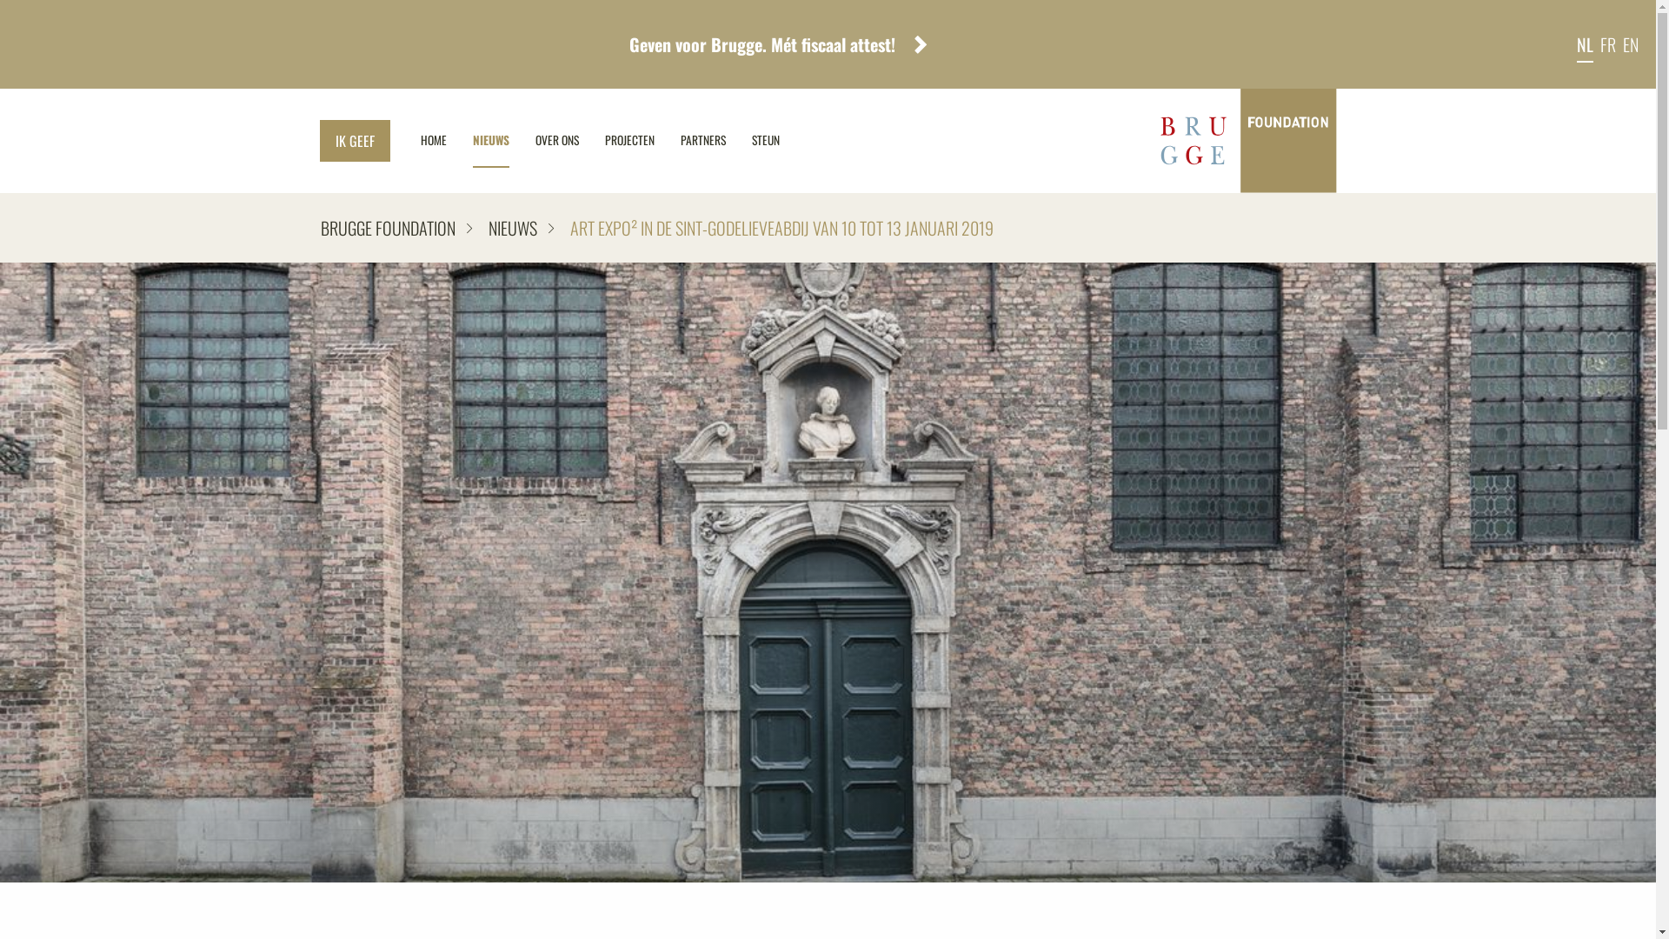 This screenshot has height=939, width=1669. Describe the element at coordinates (1585, 43) in the screenshot. I see `'NL'` at that location.